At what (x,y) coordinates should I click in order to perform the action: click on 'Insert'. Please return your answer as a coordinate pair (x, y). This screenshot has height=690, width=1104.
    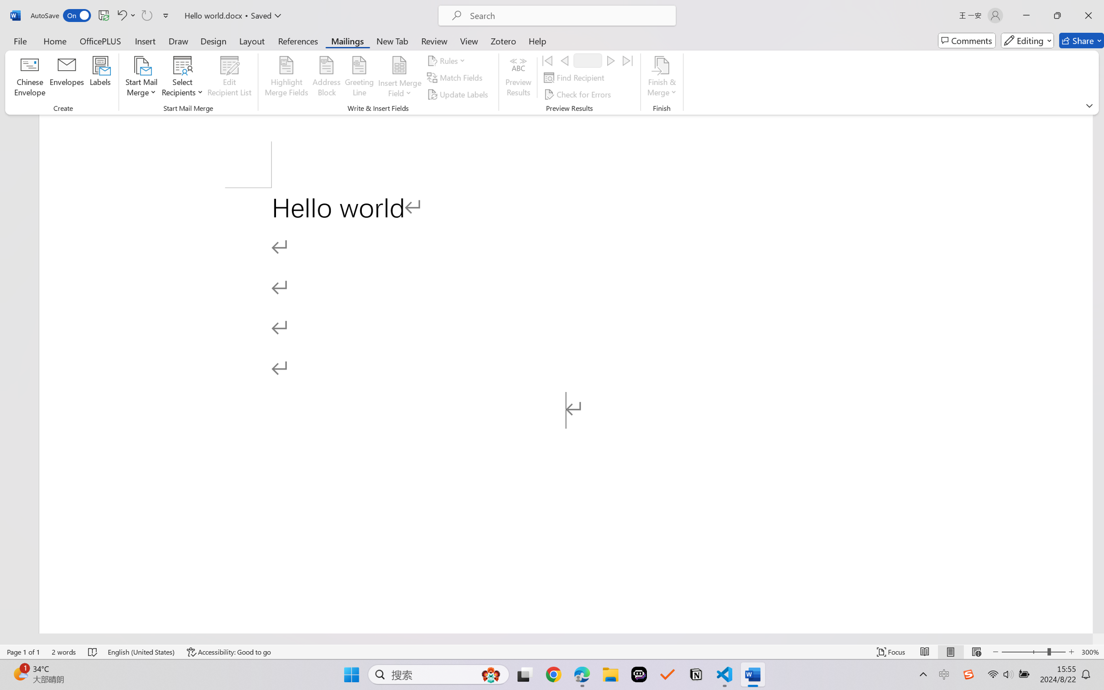
    Looking at the image, I should click on (145, 40).